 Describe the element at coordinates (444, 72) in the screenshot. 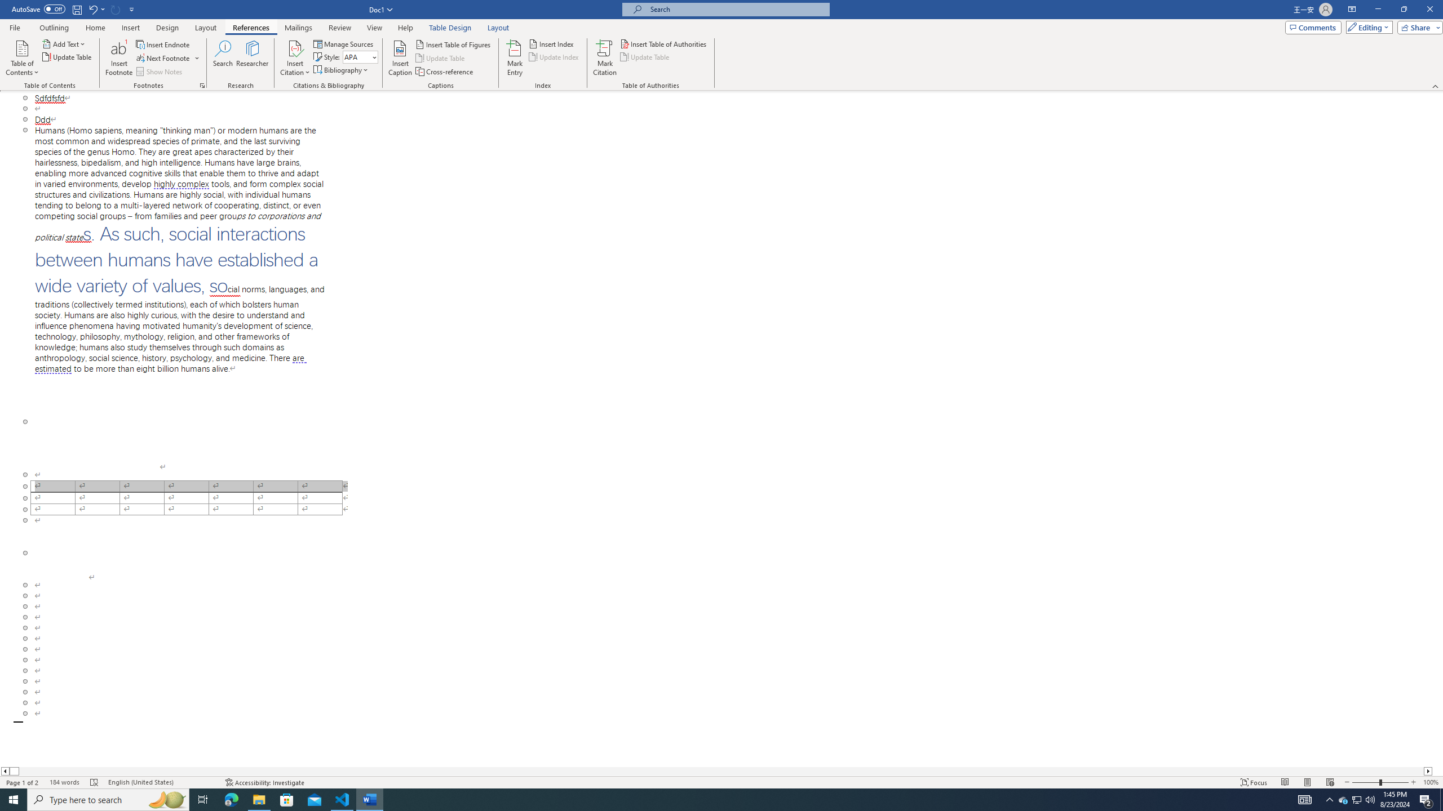

I see `'Cross-reference...'` at that location.